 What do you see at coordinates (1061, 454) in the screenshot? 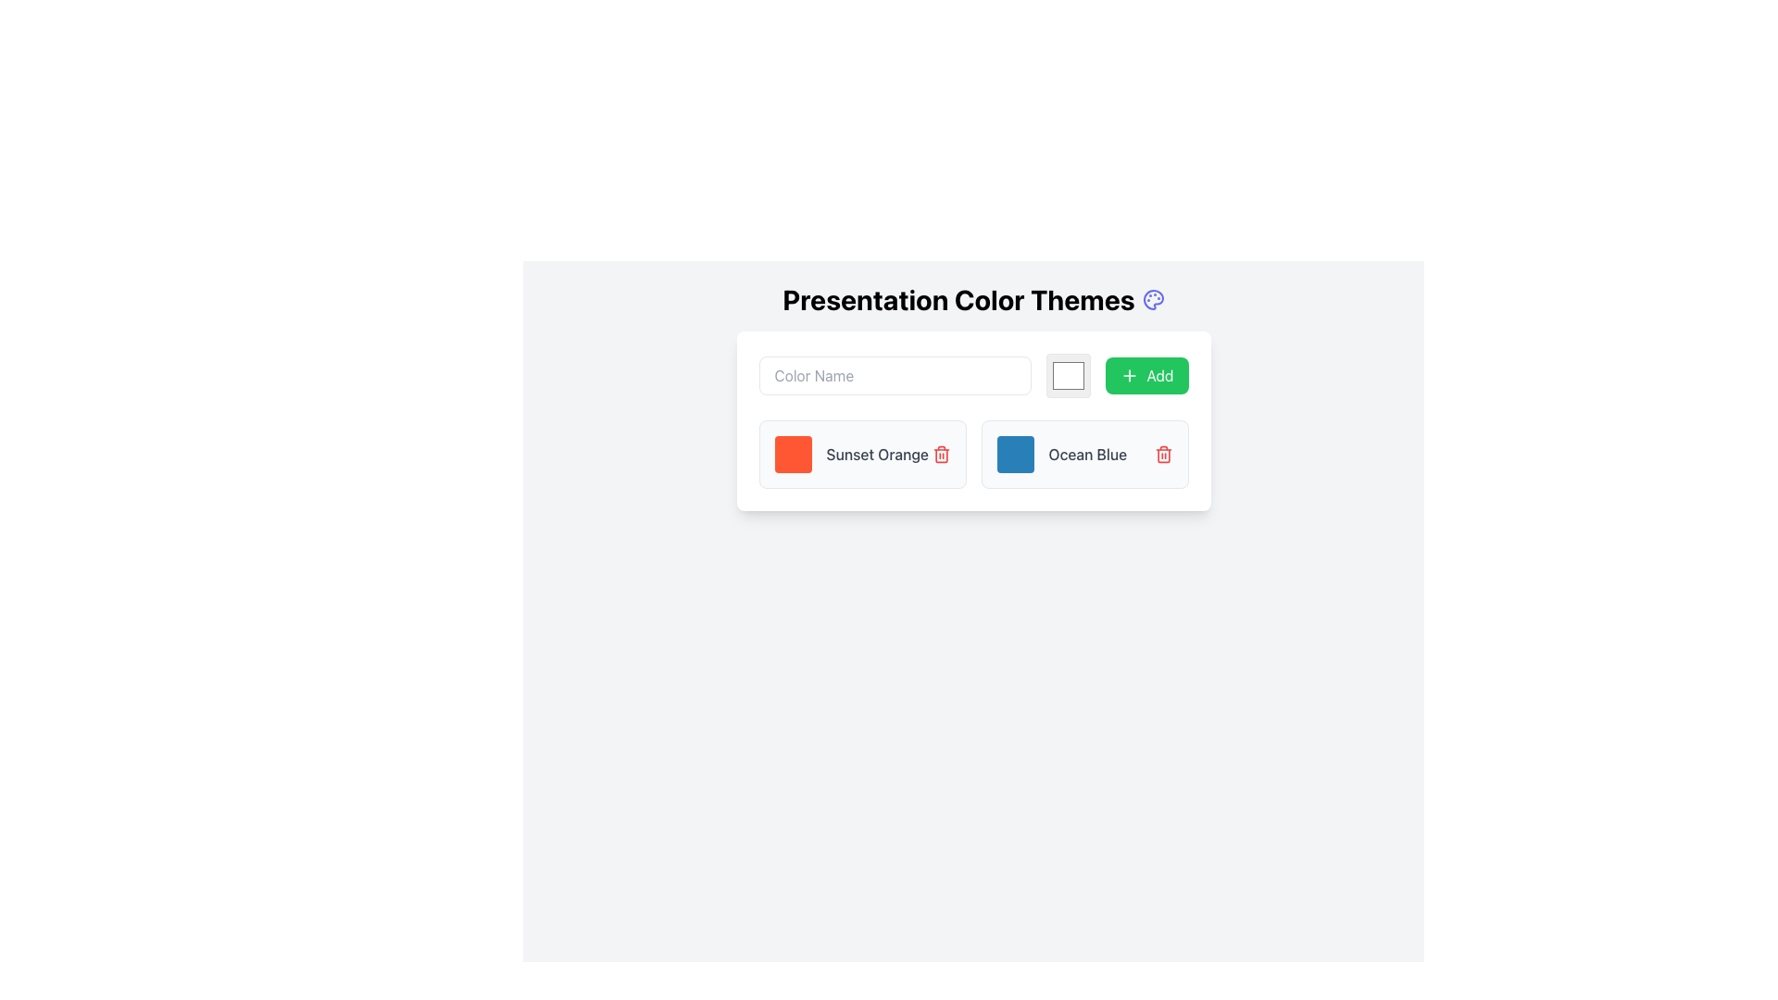
I see `the 'Ocean Blue' label with the accompanying blue square icon, which is the second item in a horizontally aligned grid under the 'Presentation Color Themes' heading` at bounding box center [1061, 454].